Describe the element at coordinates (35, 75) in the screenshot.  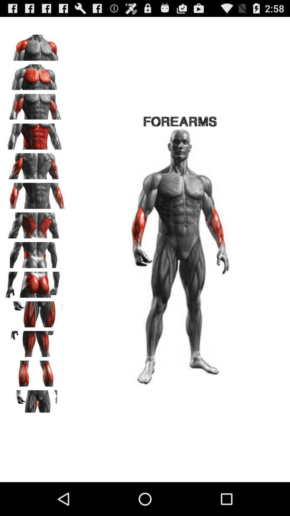
I see `pectorals` at that location.